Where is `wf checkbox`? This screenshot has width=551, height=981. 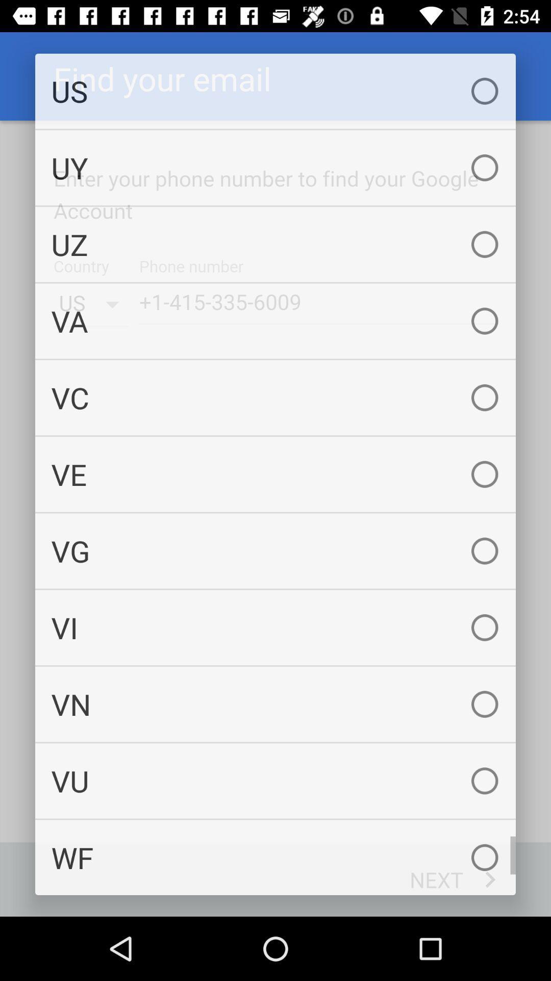 wf checkbox is located at coordinates (275, 857).